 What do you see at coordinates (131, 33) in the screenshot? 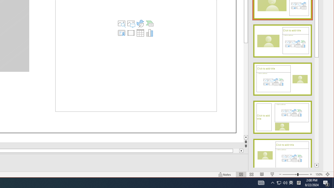
I see `'Insert Video'` at bounding box center [131, 33].